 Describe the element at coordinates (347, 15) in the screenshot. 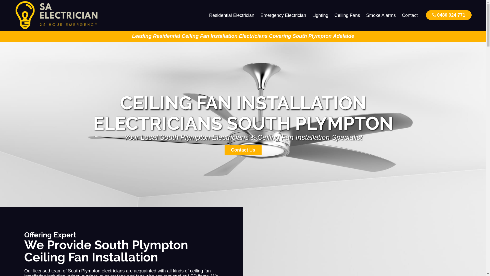

I see `'Ceiling Fans'` at that location.